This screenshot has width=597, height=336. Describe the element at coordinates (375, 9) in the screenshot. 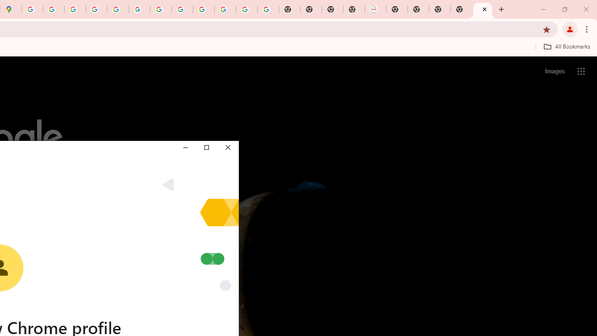

I see `'LAAD Defence & Security 2025 | BAE Systems'` at that location.